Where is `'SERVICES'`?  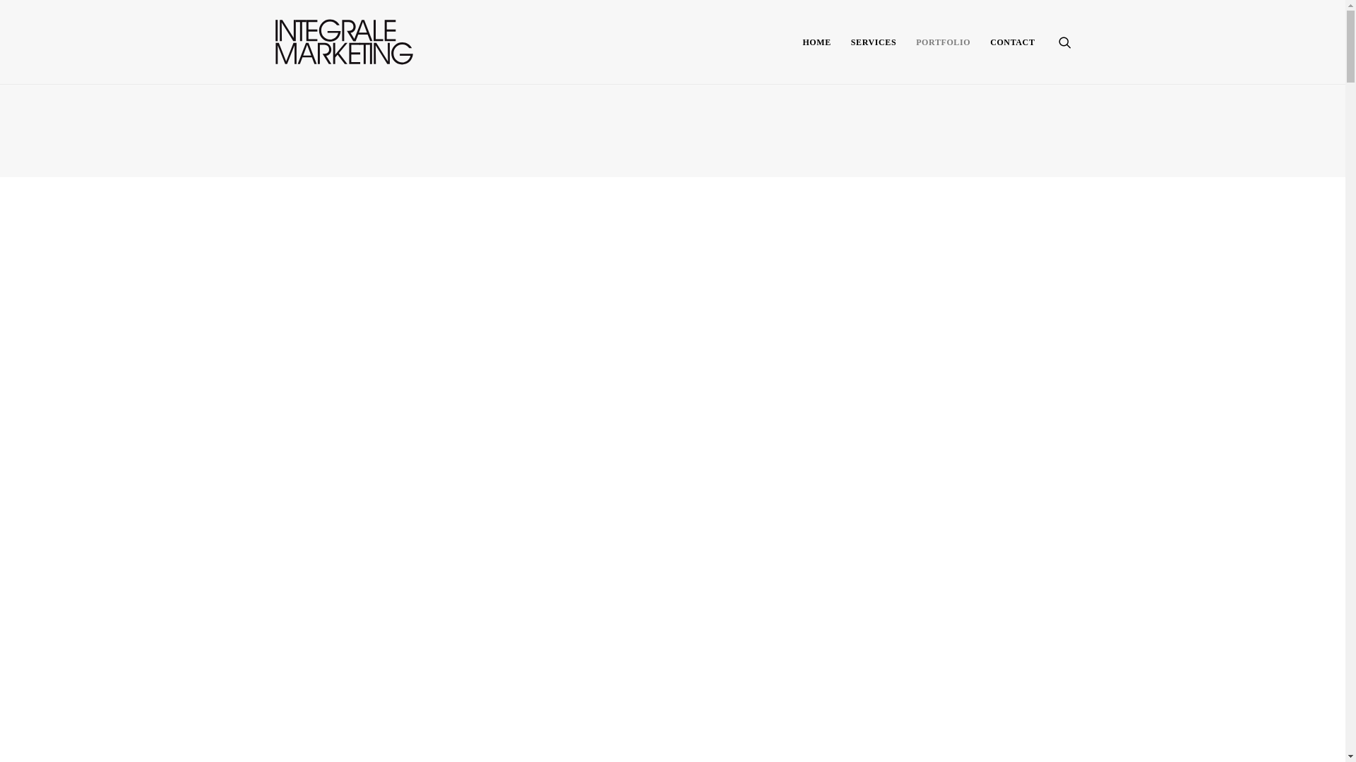
'SERVICES' is located at coordinates (840, 41).